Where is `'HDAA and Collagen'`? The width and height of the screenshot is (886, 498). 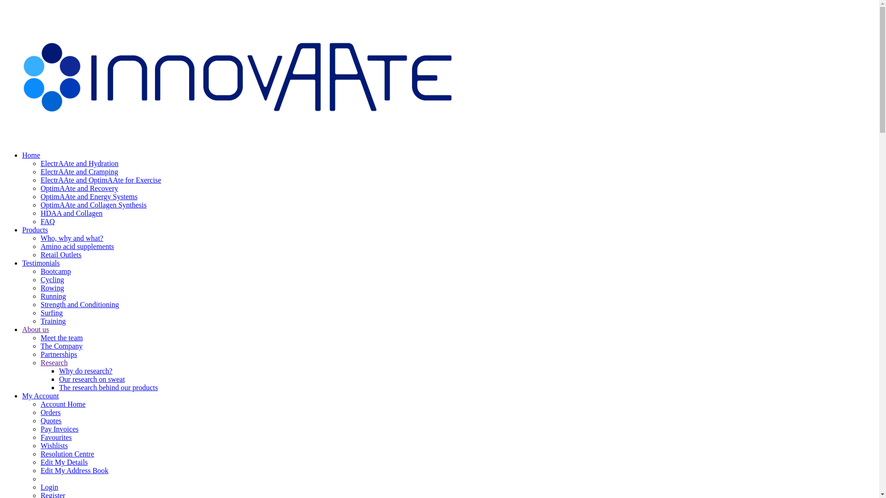 'HDAA and Collagen' is located at coordinates (71, 213).